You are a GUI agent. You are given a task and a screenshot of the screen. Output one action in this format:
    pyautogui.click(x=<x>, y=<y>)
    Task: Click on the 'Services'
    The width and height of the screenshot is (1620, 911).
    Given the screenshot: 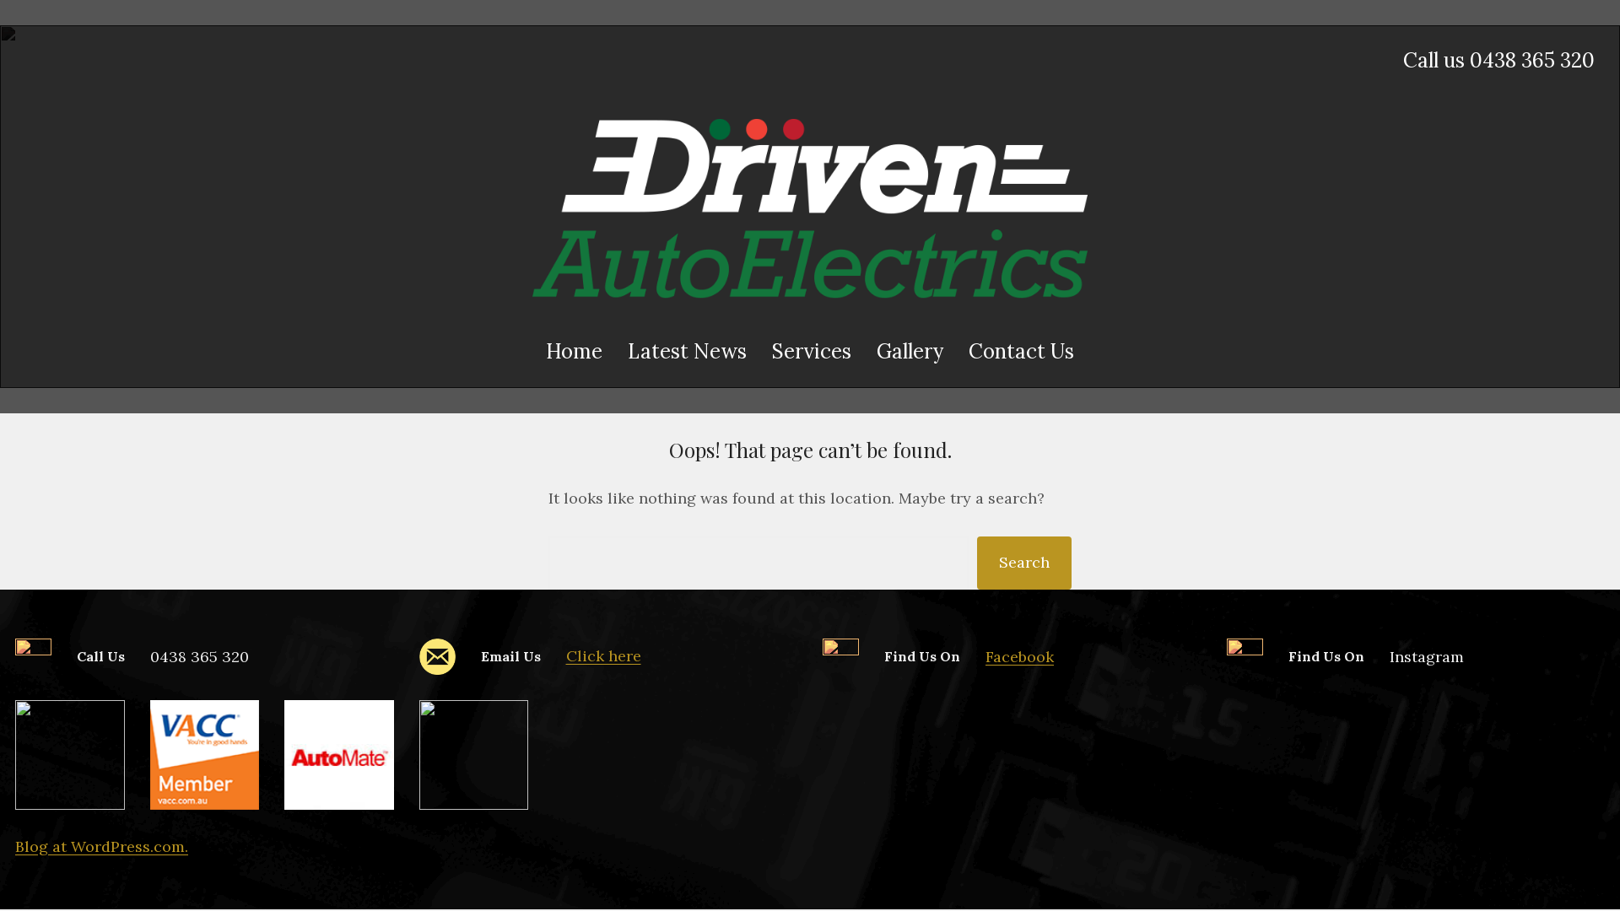 What is the action you would take?
    pyautogui.click(x=811, y=350)
    